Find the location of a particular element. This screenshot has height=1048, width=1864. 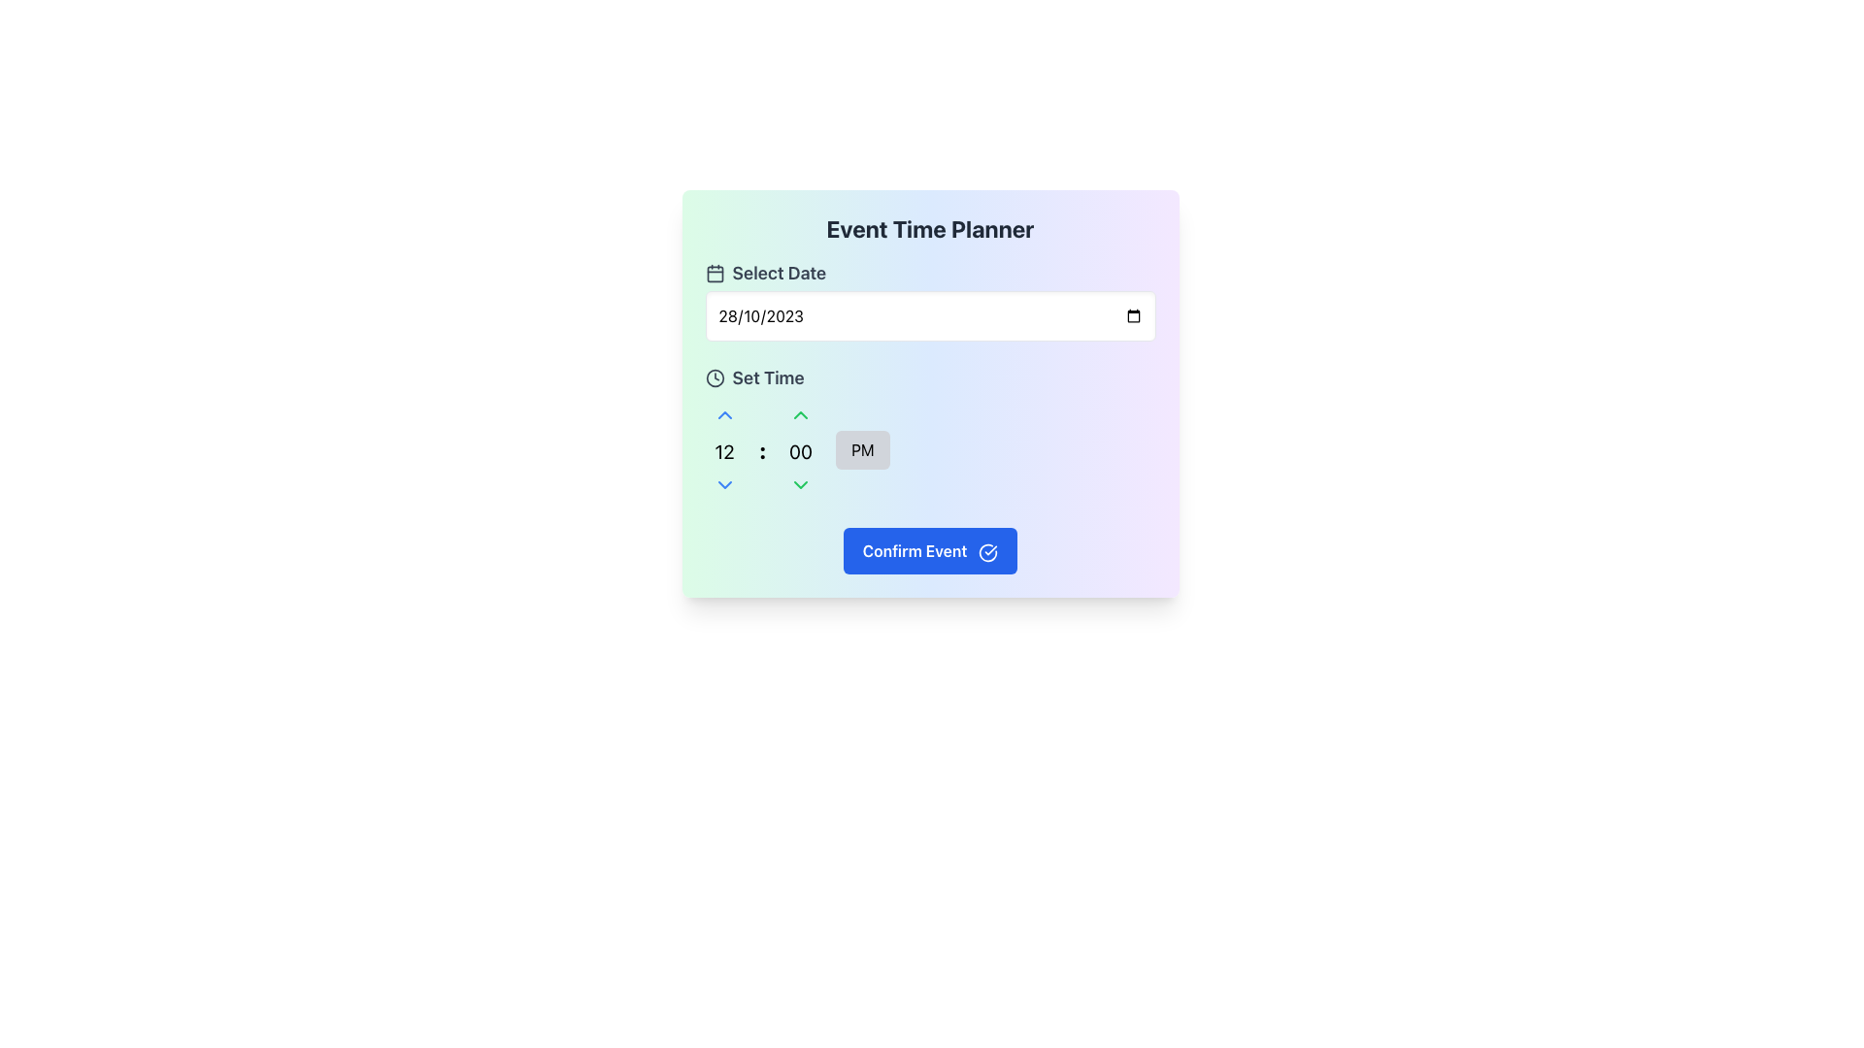

the SVG graphic element representing a calendar icon in the date selection section, located above the 'Select Date' label is located at coordinates (714, 274).